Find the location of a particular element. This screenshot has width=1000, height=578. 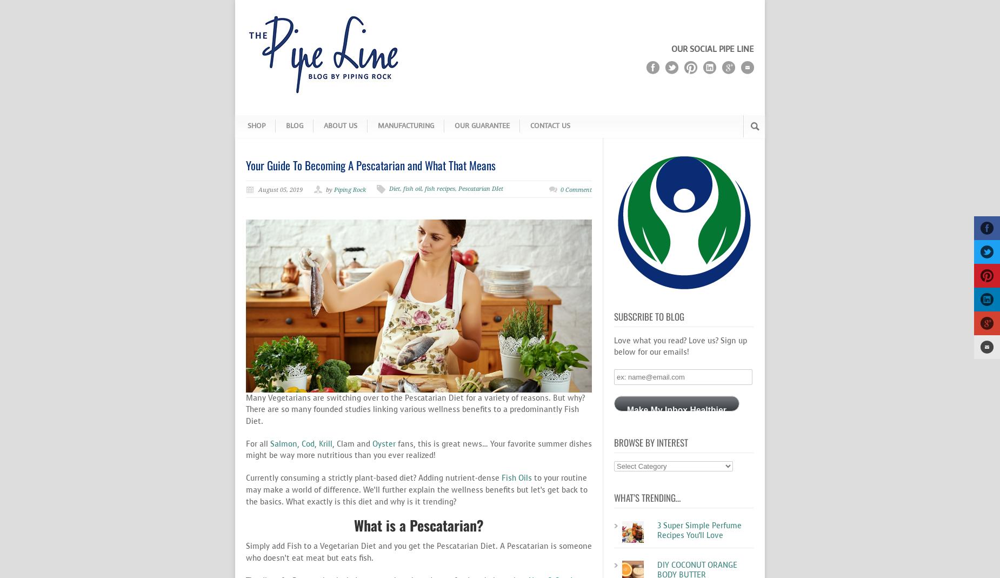

'fish recipes' is located at coordinates (440, 188).